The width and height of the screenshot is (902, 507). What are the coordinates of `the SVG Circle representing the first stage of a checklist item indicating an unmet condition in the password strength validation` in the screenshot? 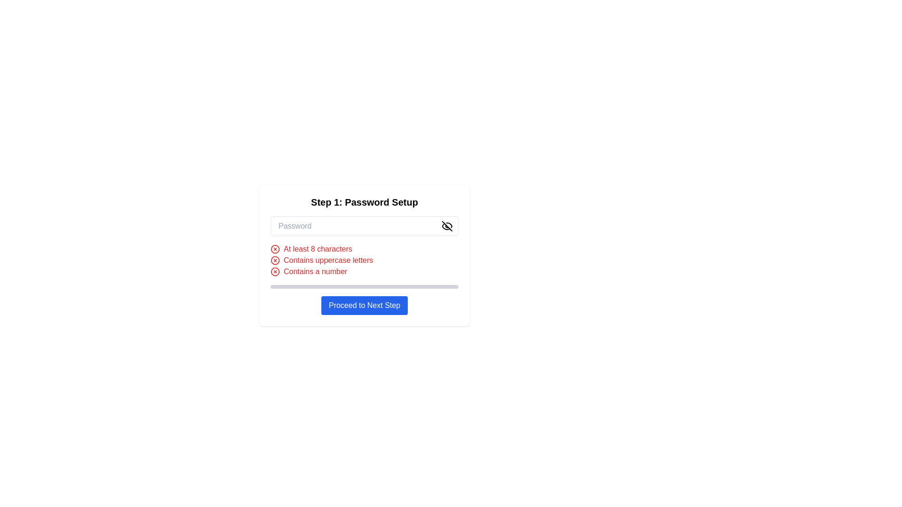 It's located at (274, 249).